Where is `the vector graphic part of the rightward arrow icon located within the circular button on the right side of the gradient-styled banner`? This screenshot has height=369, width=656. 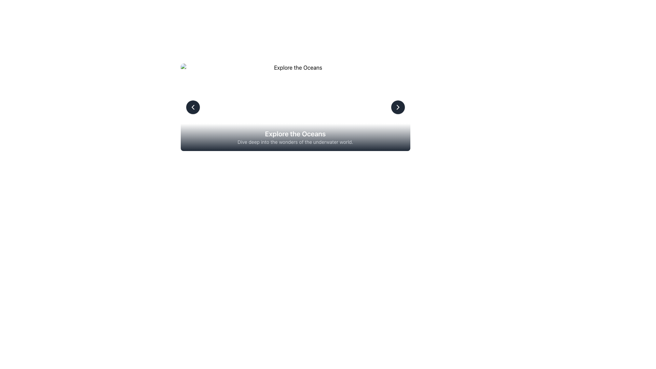
the vector graphic part of the rightward arrow icon located within the circular button on the right side of the gradient-styled banner is located at coordinates (398, 107).